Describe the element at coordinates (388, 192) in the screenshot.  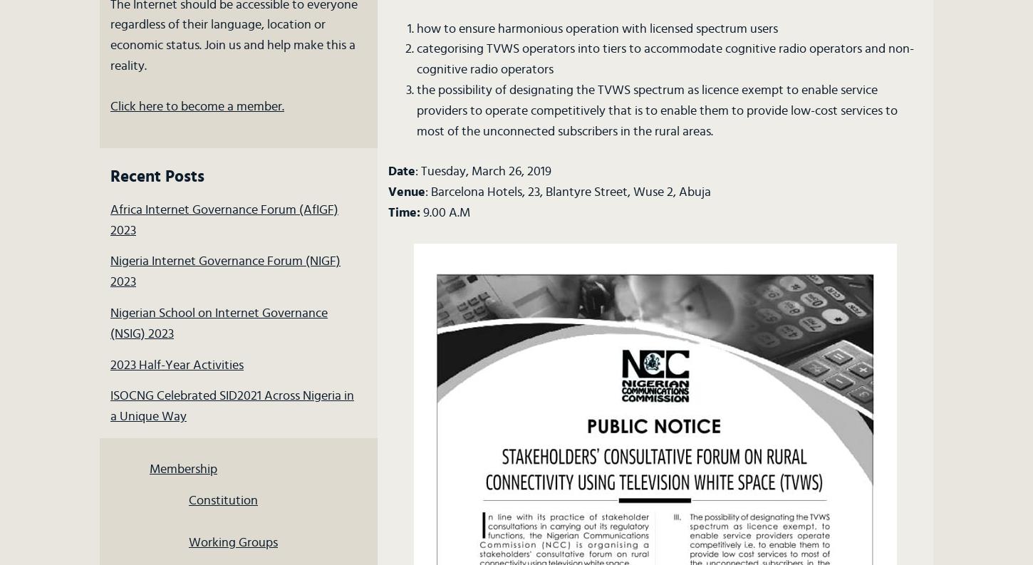
I see `'V'` at that location.